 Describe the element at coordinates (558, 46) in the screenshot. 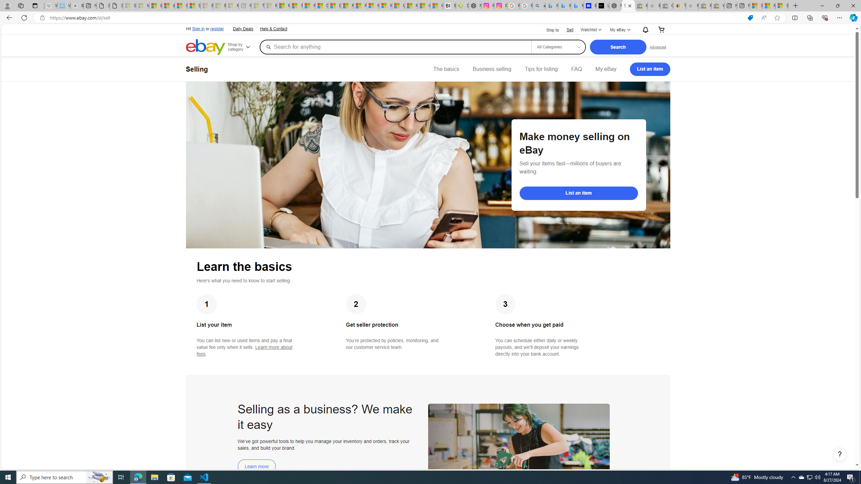

I see `'Select a category for search'` at that location.